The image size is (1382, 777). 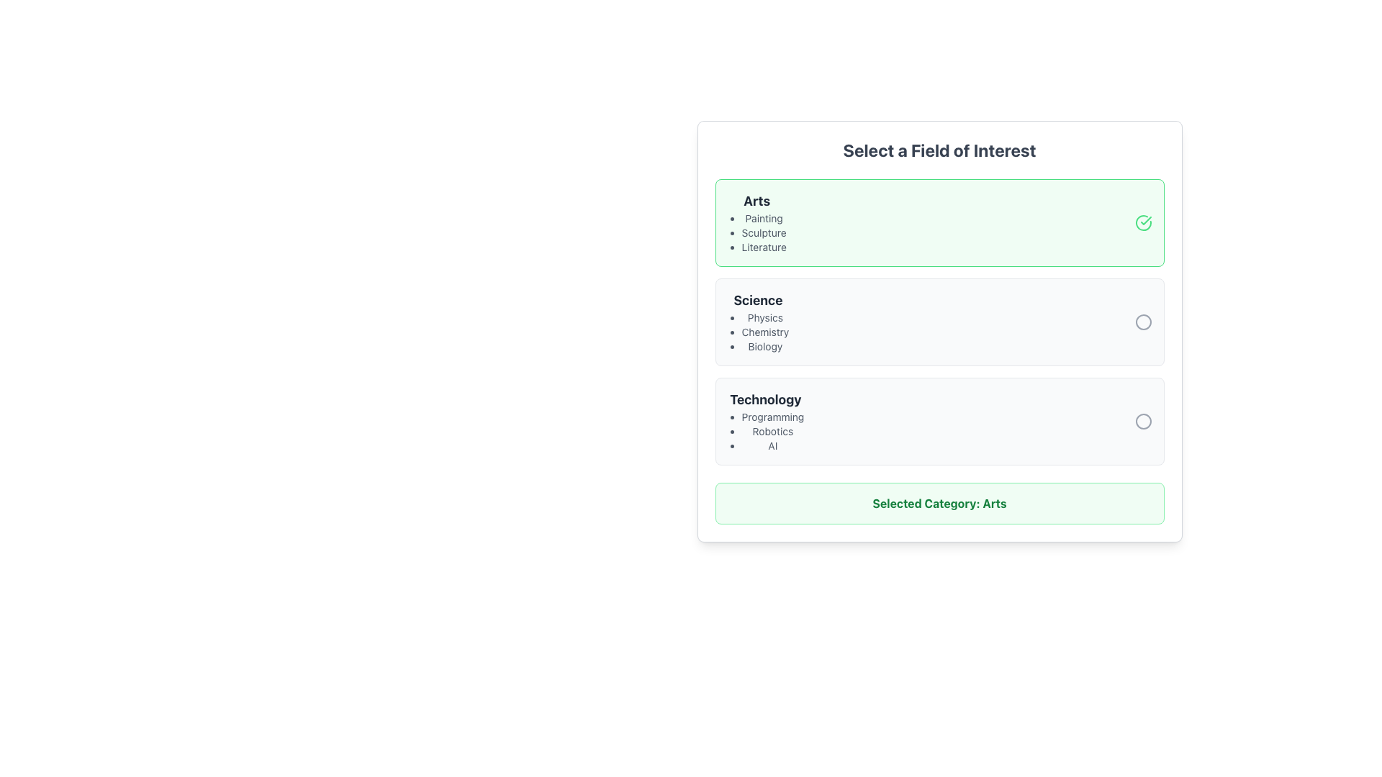 I want to click on the minimalist circular outline icon in gray, located at the right end of the 'Technology' field of interest section, so click(x=1142, y=421).